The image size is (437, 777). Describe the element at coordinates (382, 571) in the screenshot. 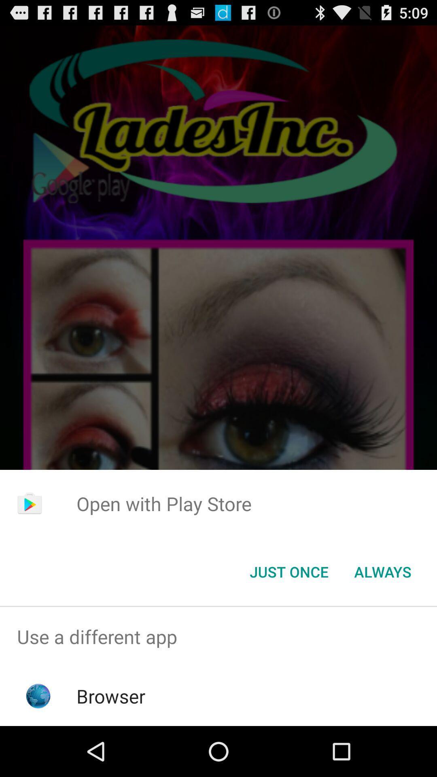

I see `the button next to the just once icon` at that location.